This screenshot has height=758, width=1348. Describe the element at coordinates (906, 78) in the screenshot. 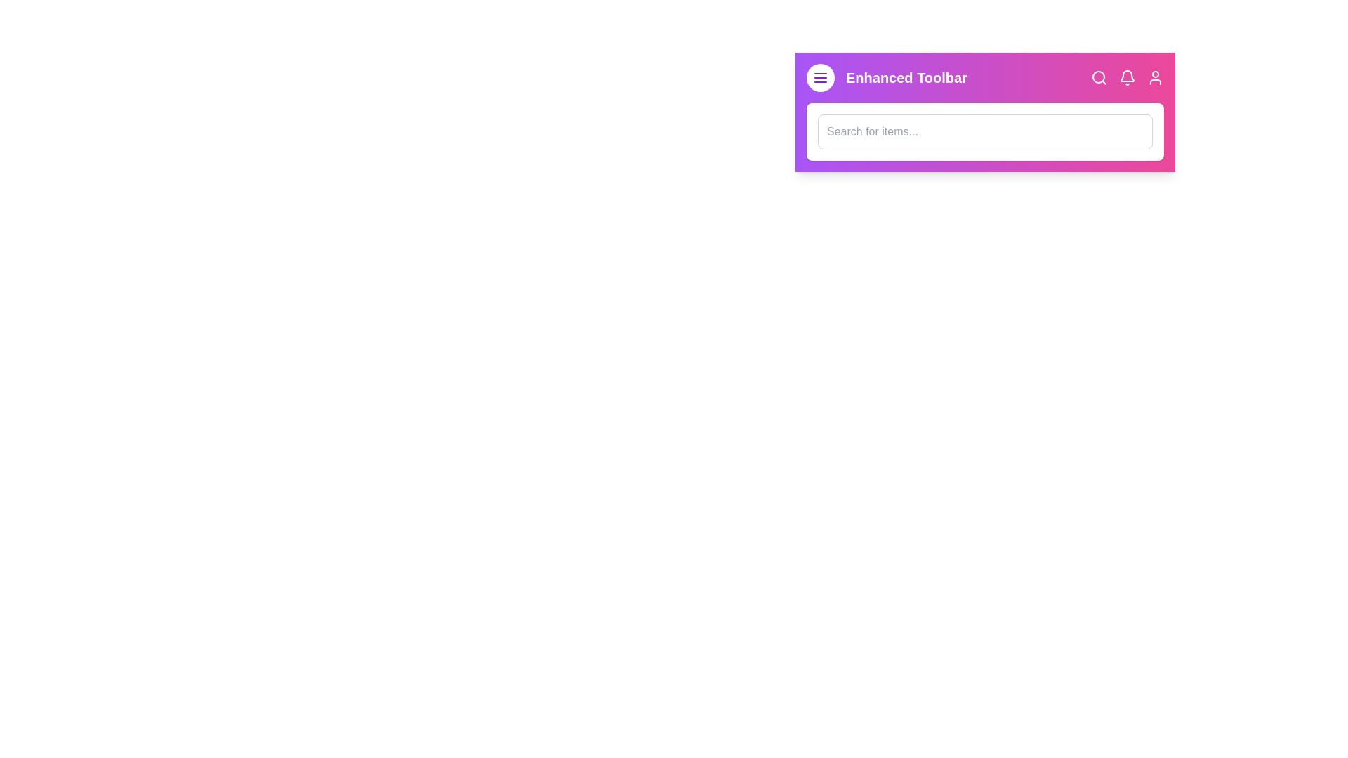

I see `the text 'Enhanced Toolbar' to select it` at that location.